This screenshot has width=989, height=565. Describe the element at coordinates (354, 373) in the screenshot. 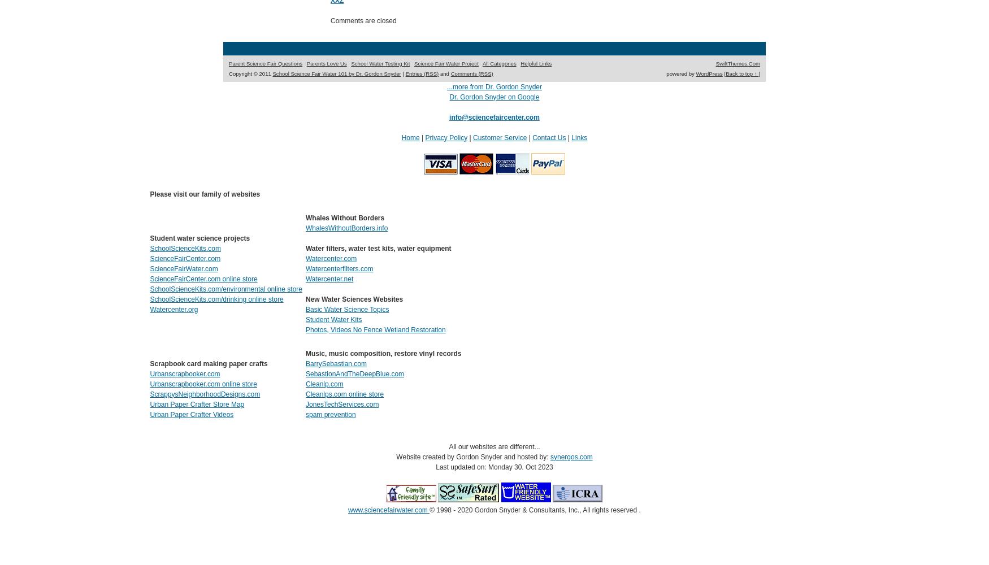

I see `'SebastionAndTheDeepBlue.com'` at that location.